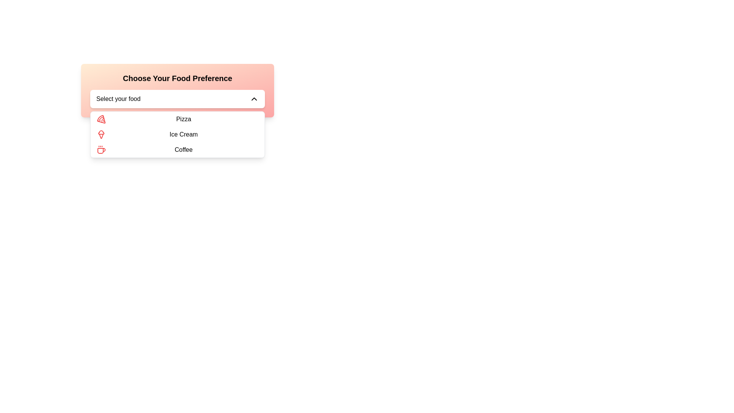  Describe the element at coordinates (101, 150) in the screenshot. I see `the red coffee cup icon located on the left side of the 'Coffee' menu option, which is positioned below the 'Ice Cream' option in the dropdown menu` at that location.